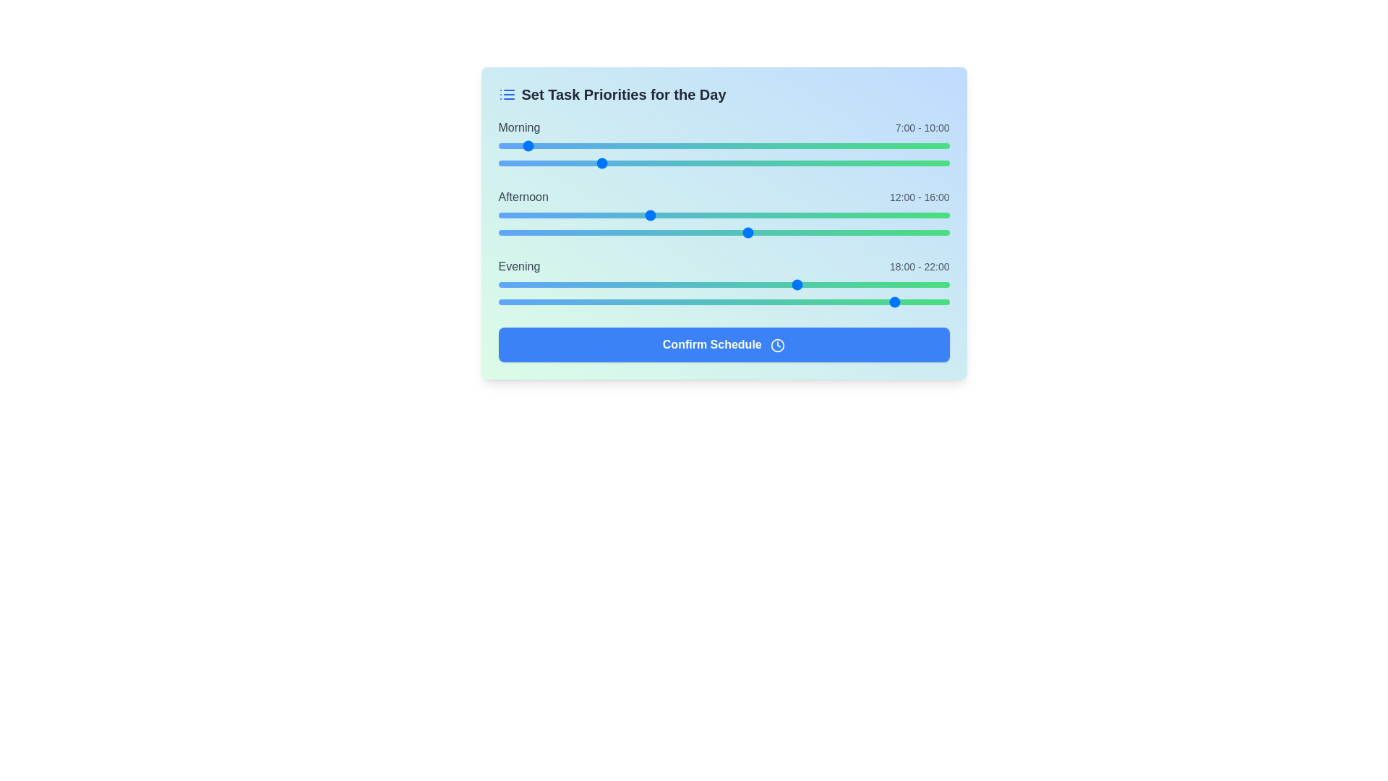 The height and width of the screenshot is (781, 1388). Describe the element at coordinates (724, 345) in the screenshot. I see `the 'Confirm Schedule' button to save changes` at that location.